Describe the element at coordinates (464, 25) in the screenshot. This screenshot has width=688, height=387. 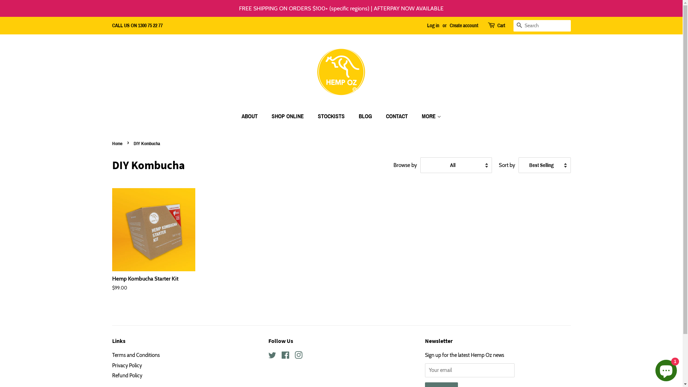
I see `'Create account'` at that location.